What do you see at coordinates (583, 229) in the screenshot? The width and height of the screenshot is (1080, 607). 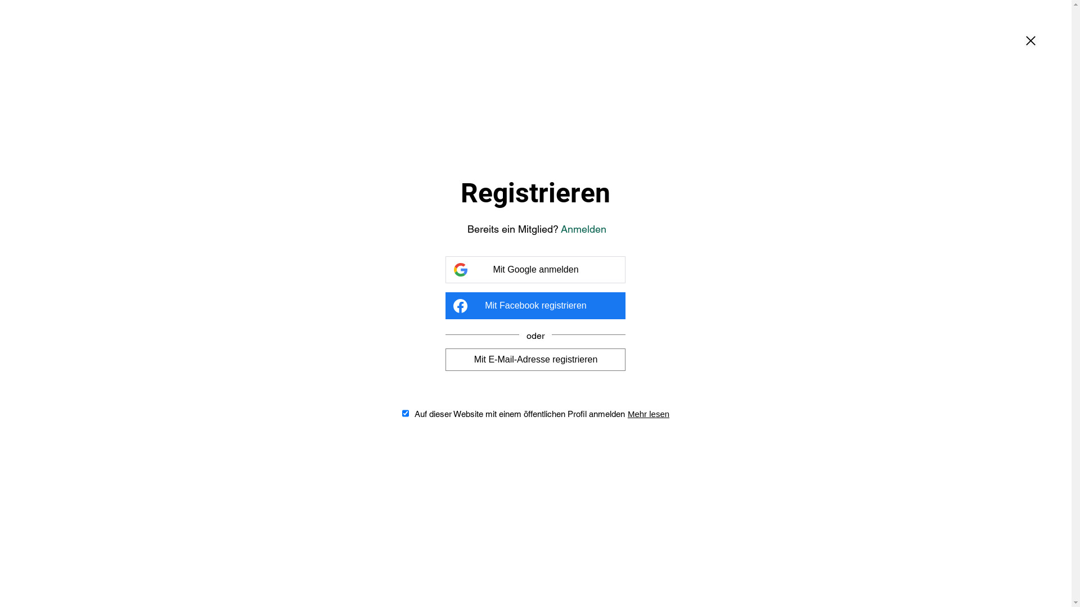 I see `'Anmelden'` at bounding box center [583, 229].